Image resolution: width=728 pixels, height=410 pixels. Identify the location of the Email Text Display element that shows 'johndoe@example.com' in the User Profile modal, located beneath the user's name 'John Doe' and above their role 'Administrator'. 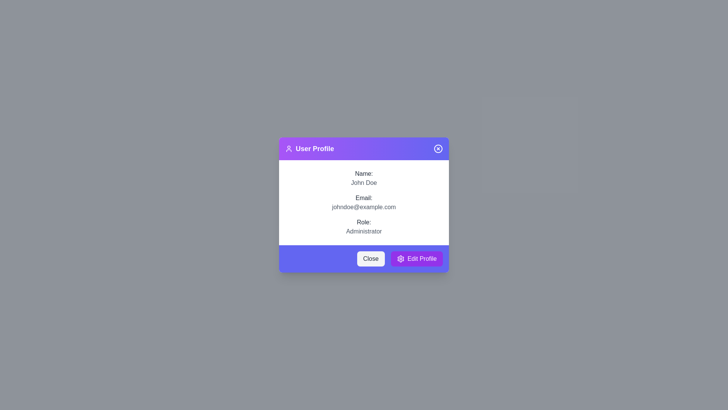
(364, 202).